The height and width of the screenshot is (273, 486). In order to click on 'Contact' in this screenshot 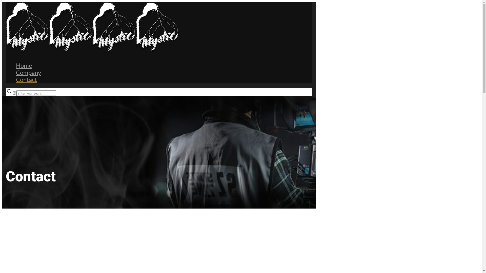, I will do `click(16, 79)`.